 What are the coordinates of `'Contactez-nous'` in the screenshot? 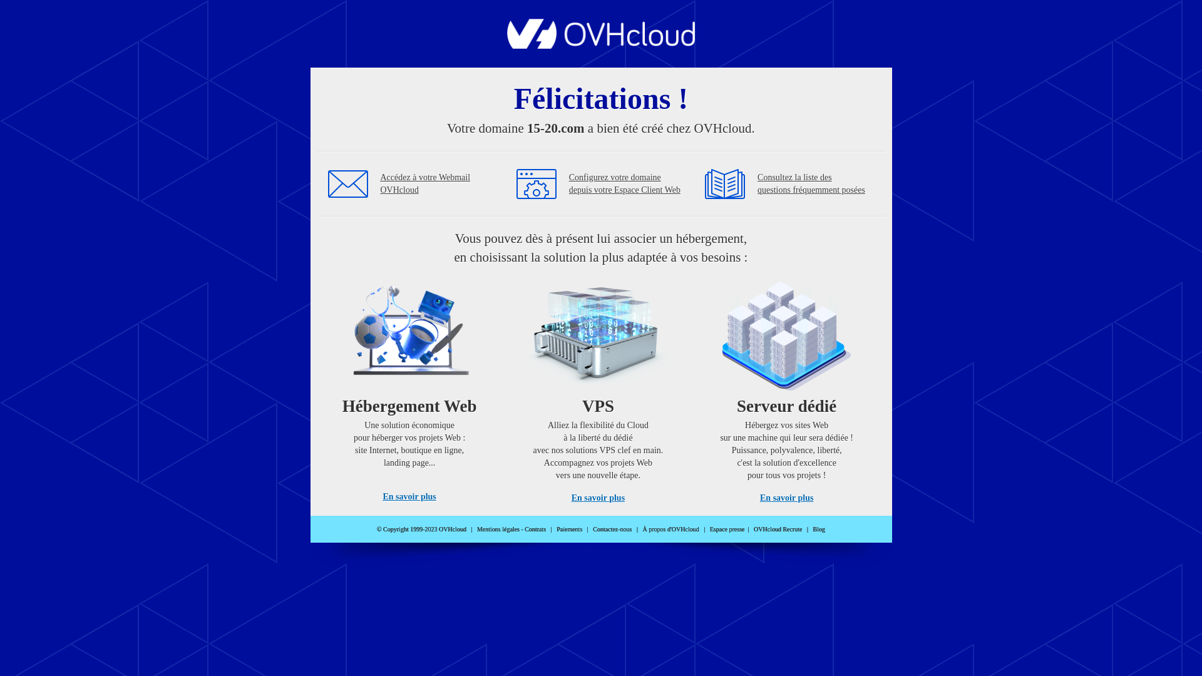 It's located at (592, 529).